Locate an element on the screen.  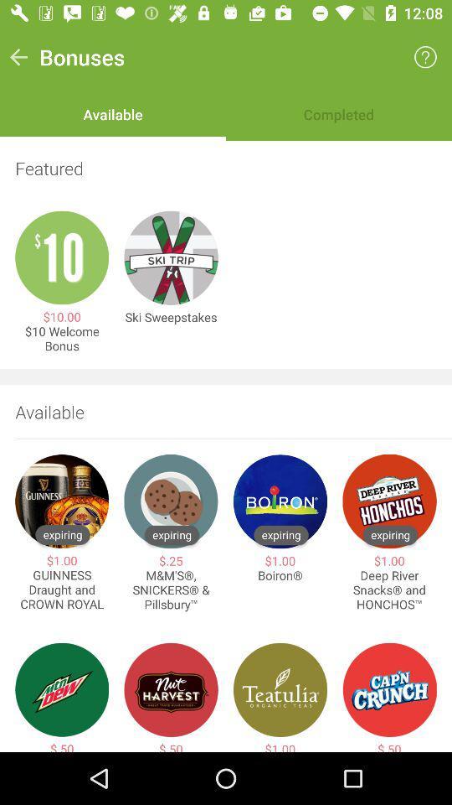
the icon to the right of the bonuses icon is located at coordinates (425, 57).